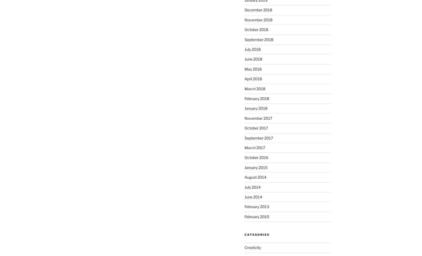  I want to click on 'February 2010', so click(256, 216).